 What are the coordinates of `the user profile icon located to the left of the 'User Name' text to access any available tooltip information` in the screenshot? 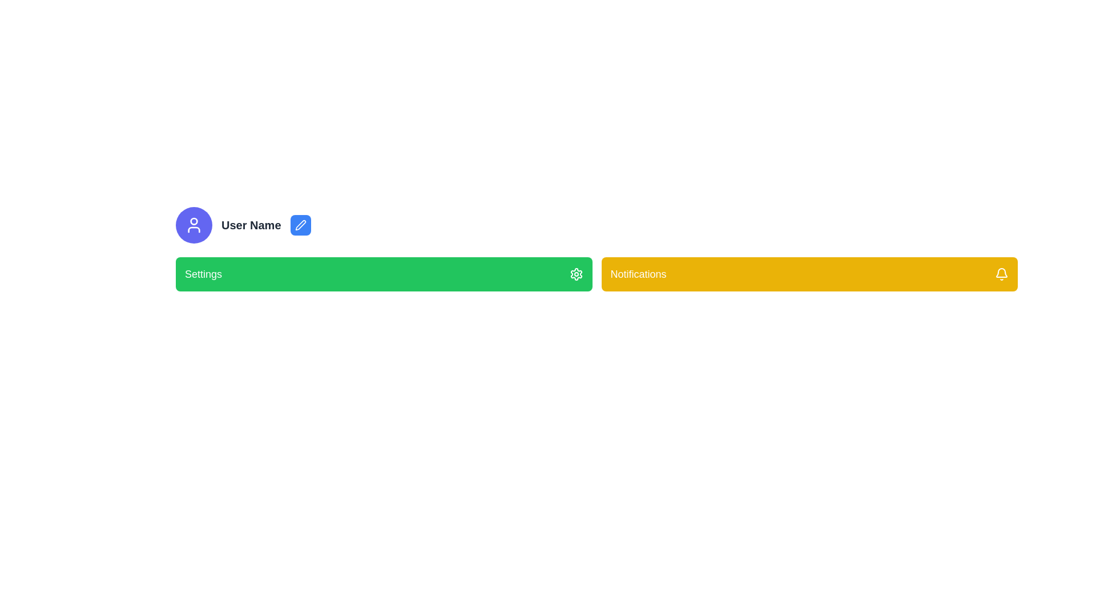 It's located at (194, 225).